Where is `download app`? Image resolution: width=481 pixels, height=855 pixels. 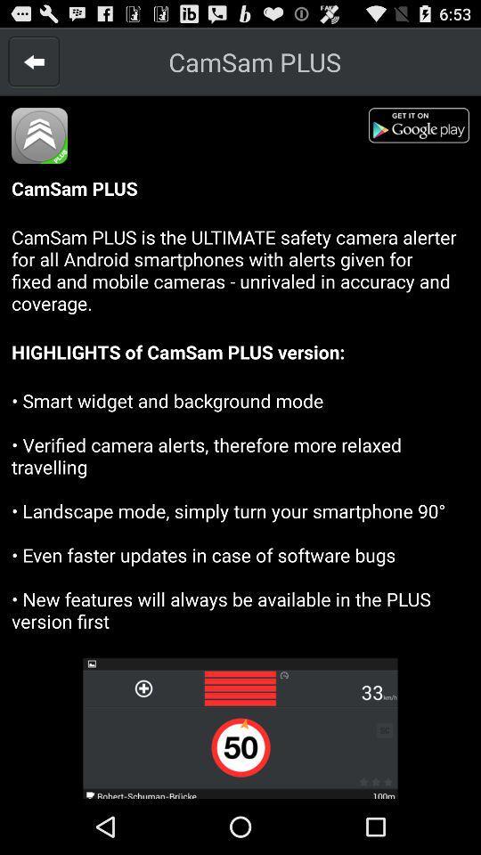 download app is located at coordinates (423, 127).